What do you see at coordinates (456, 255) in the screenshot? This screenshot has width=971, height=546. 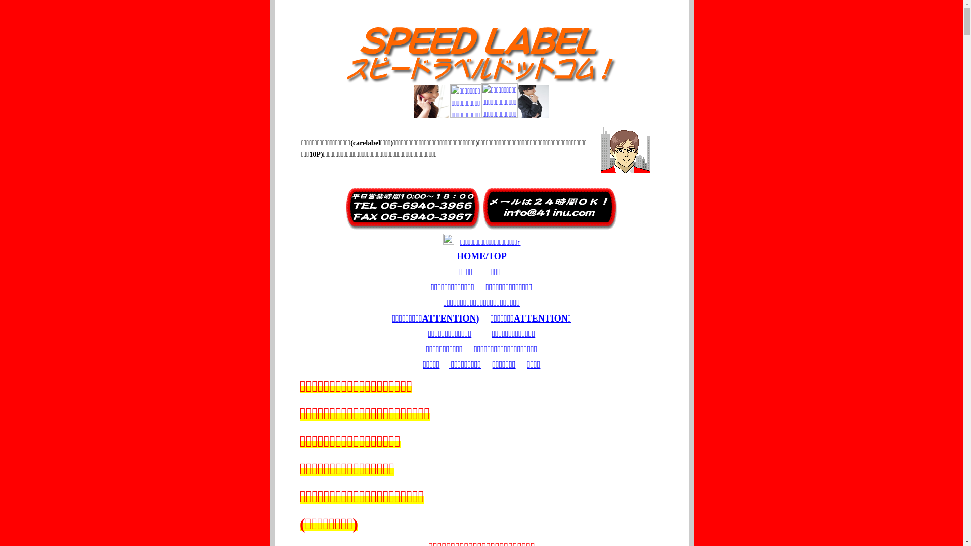 I see `'HOME/TOP'` at bounding box center [456, 255].